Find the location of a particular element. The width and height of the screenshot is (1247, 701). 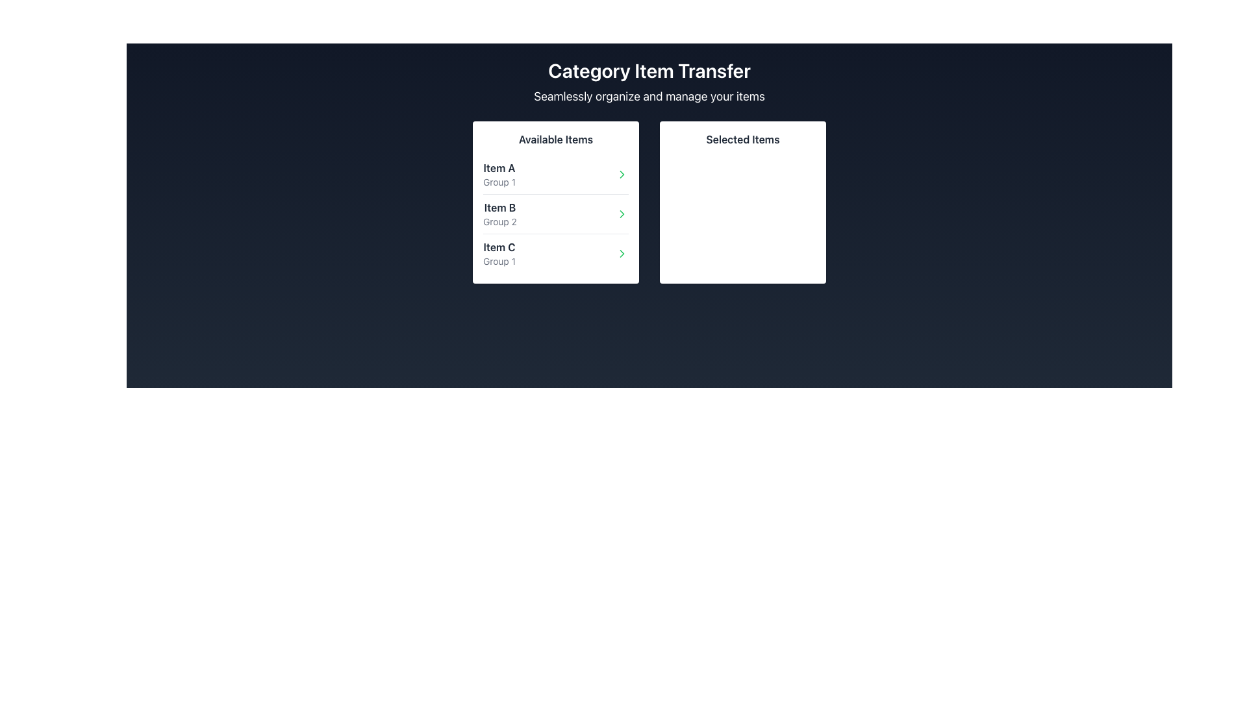

the Text Label that serves as a secondary descriptor for 'Item C' located beneath it in the 'Available Items' section of the 'Category Item Transfer' interface is located at coordinates (498, 261).